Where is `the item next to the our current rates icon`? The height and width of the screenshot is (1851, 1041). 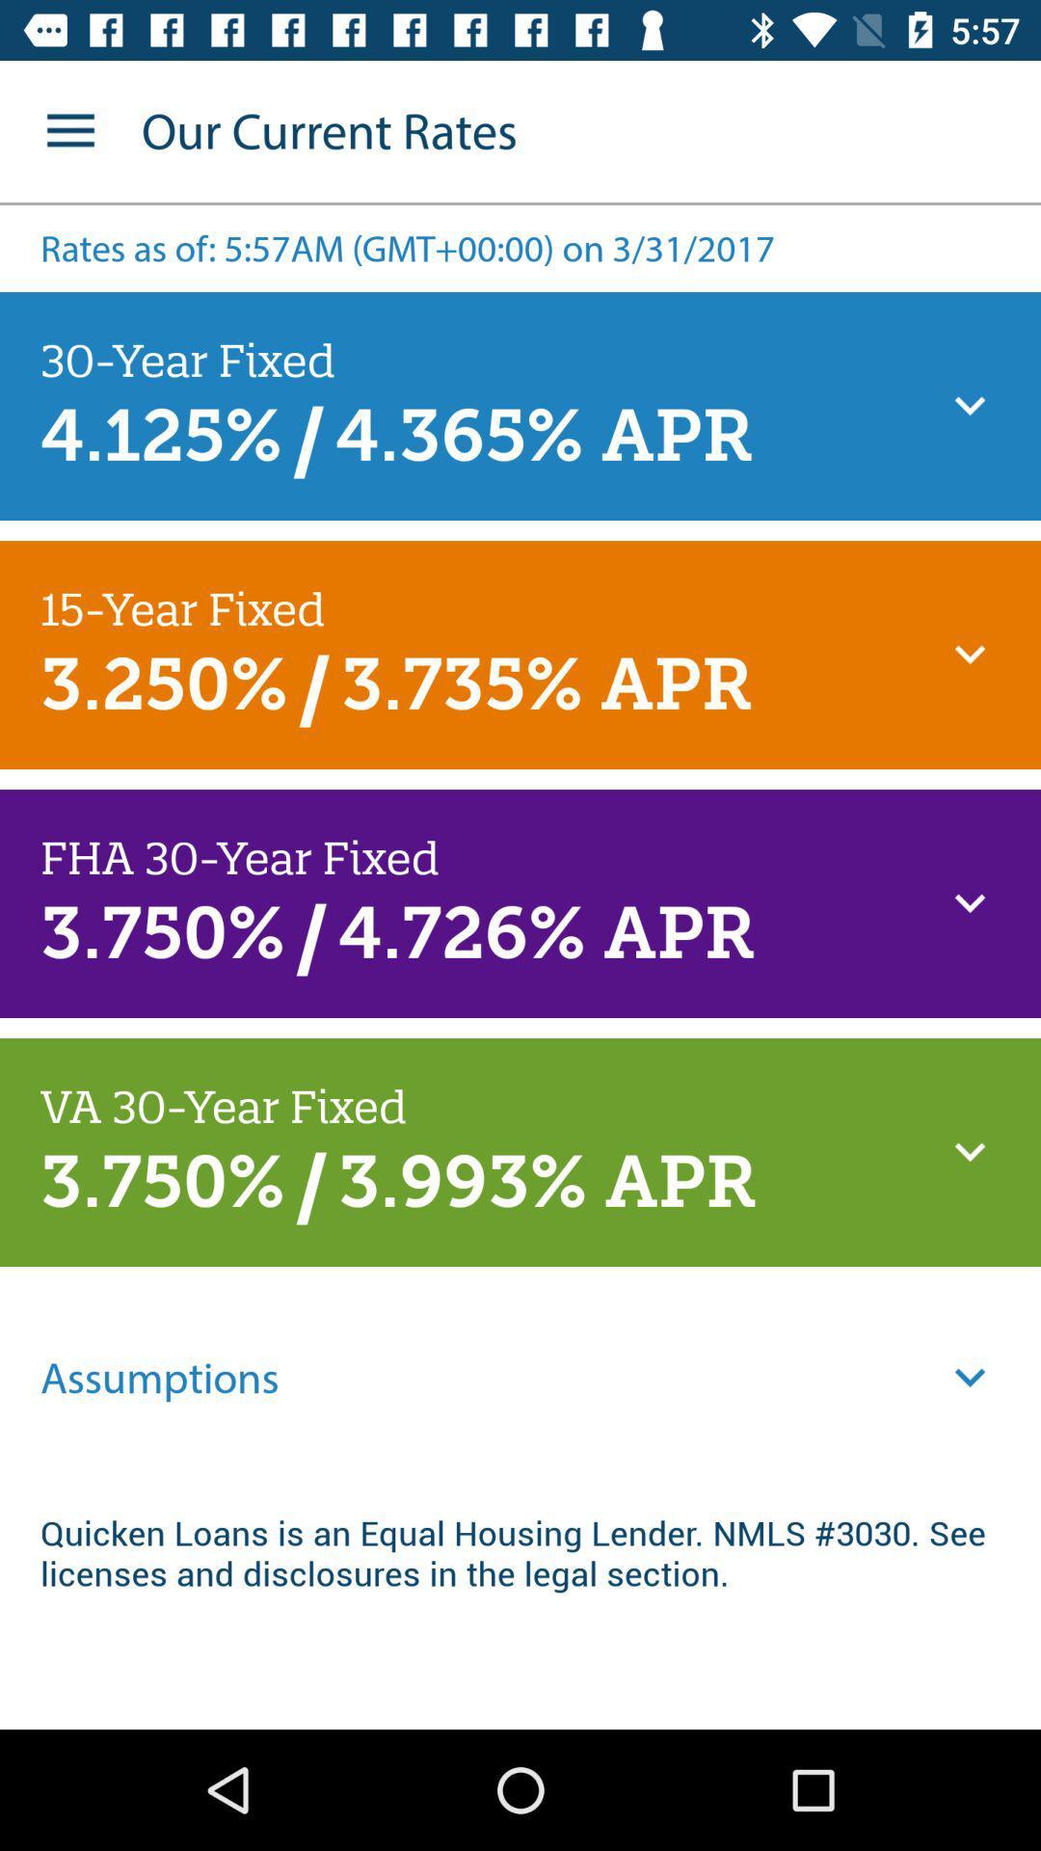 the item next to the our current rates icon is located at coordinates (69, 130).